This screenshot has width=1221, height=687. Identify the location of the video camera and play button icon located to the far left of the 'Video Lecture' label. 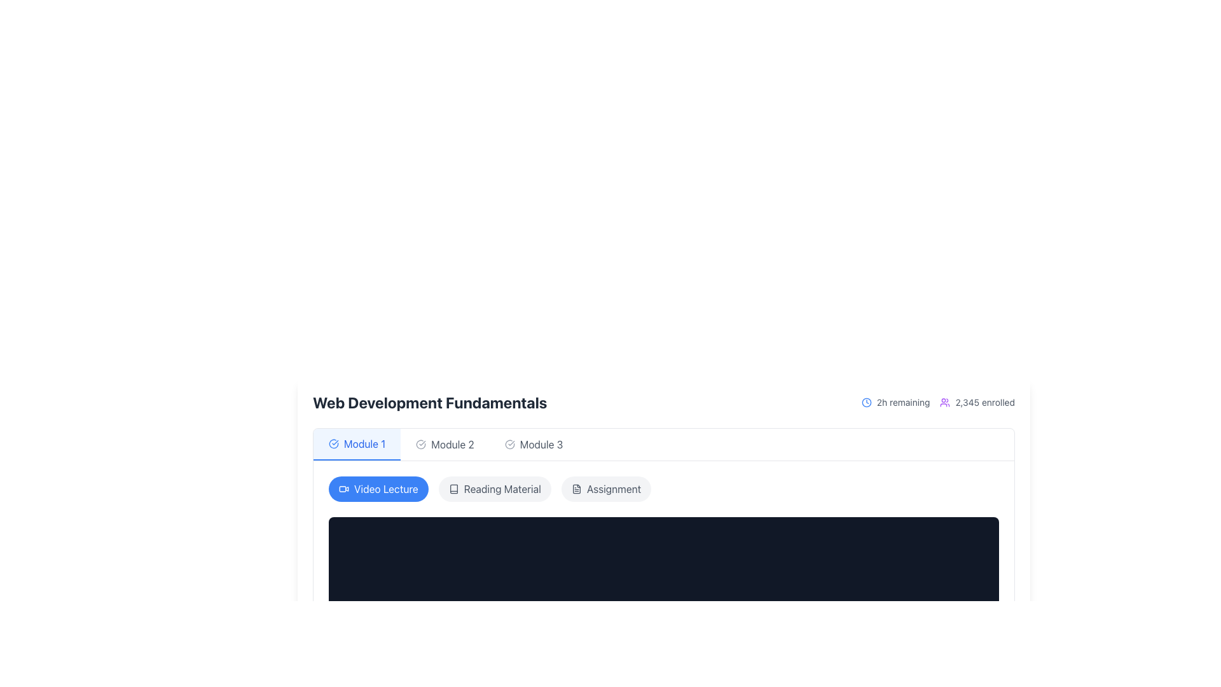
(344, 488).